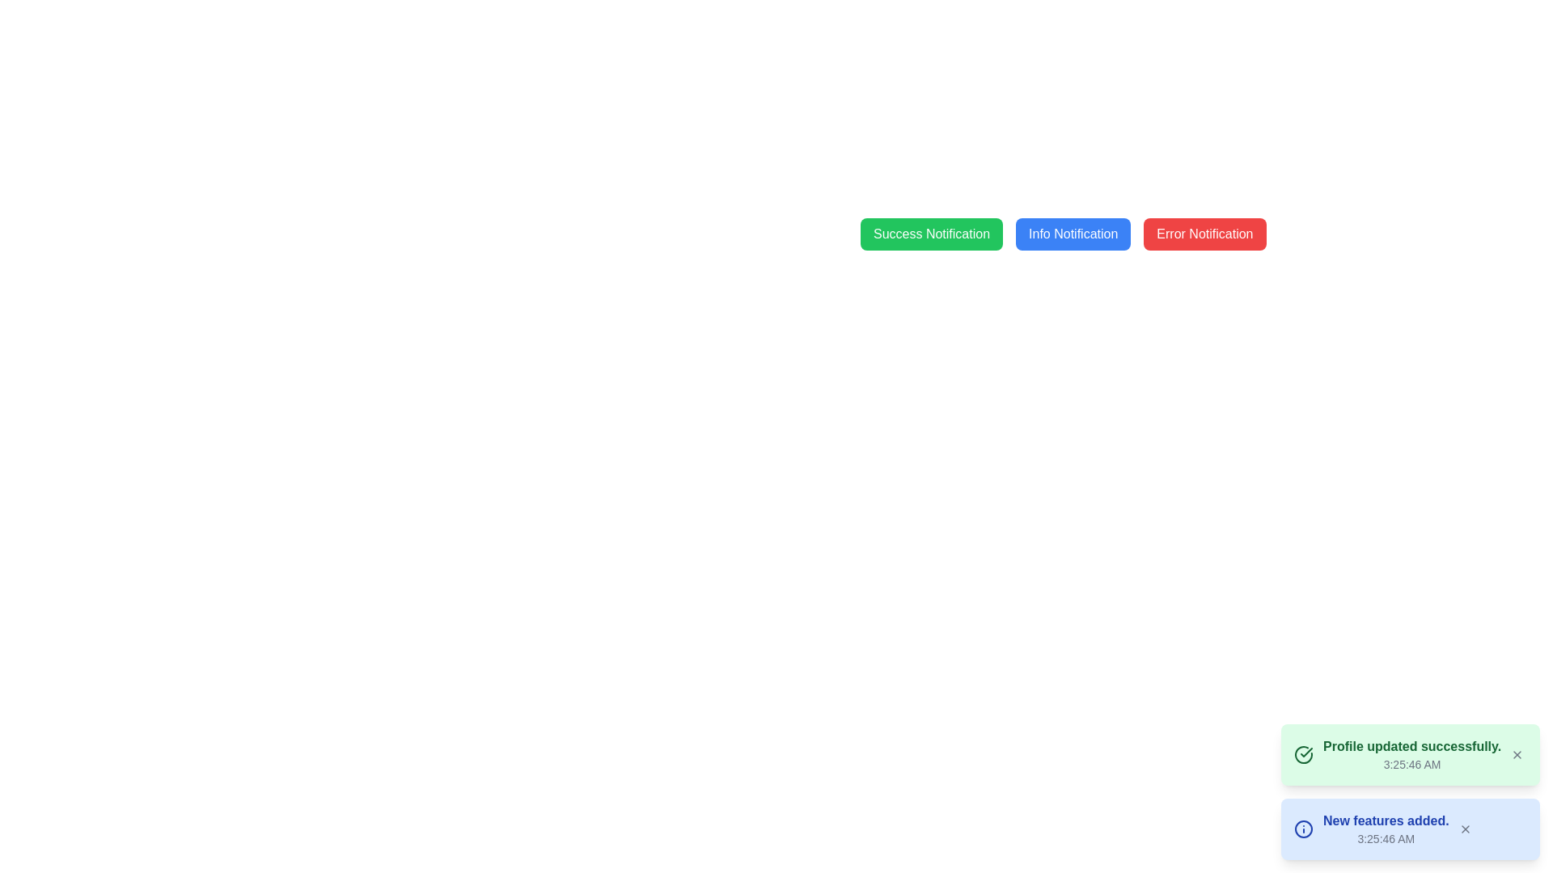 This screenshot has width=1553, height=873. I want to click on the circular icon featuring a checkmark symbol inside, which is located within the green notification box that reads 'Profile updated successfully.', so click(1304, 754).